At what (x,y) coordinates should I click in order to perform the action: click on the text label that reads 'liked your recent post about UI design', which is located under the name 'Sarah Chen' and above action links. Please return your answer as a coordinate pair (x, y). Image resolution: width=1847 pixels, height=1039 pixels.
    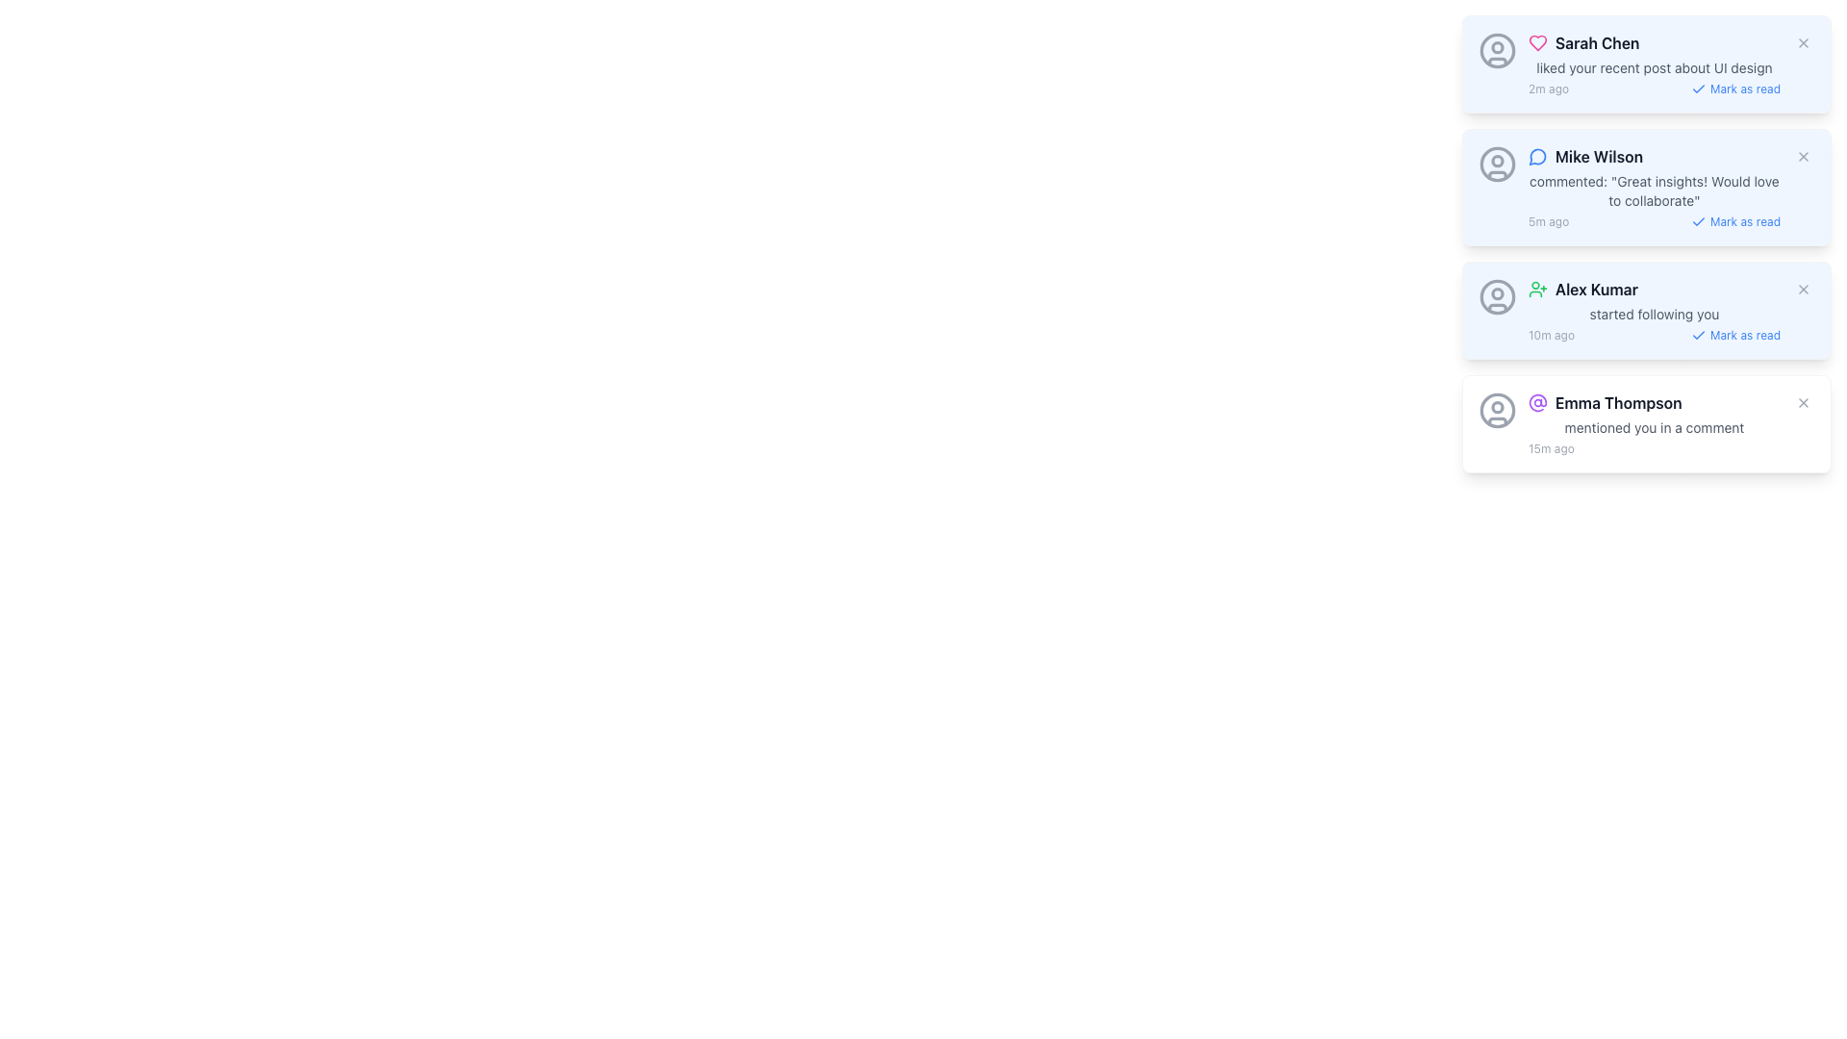
    Looking at the image, I should click on (1653, 66).